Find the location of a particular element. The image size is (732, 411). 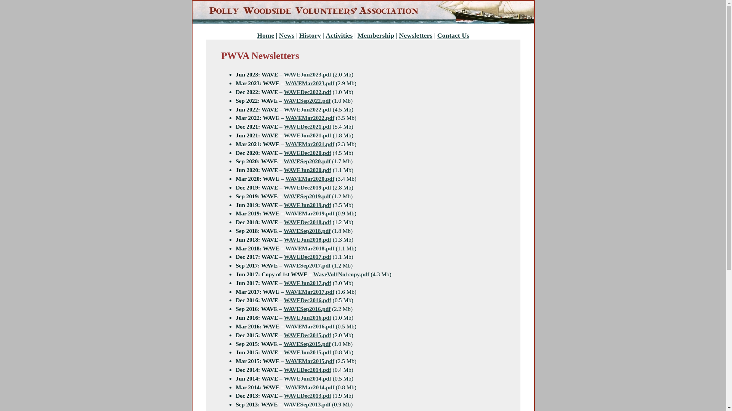

'WAVEJun2014.pdf' is located at coordinates (307, 378).